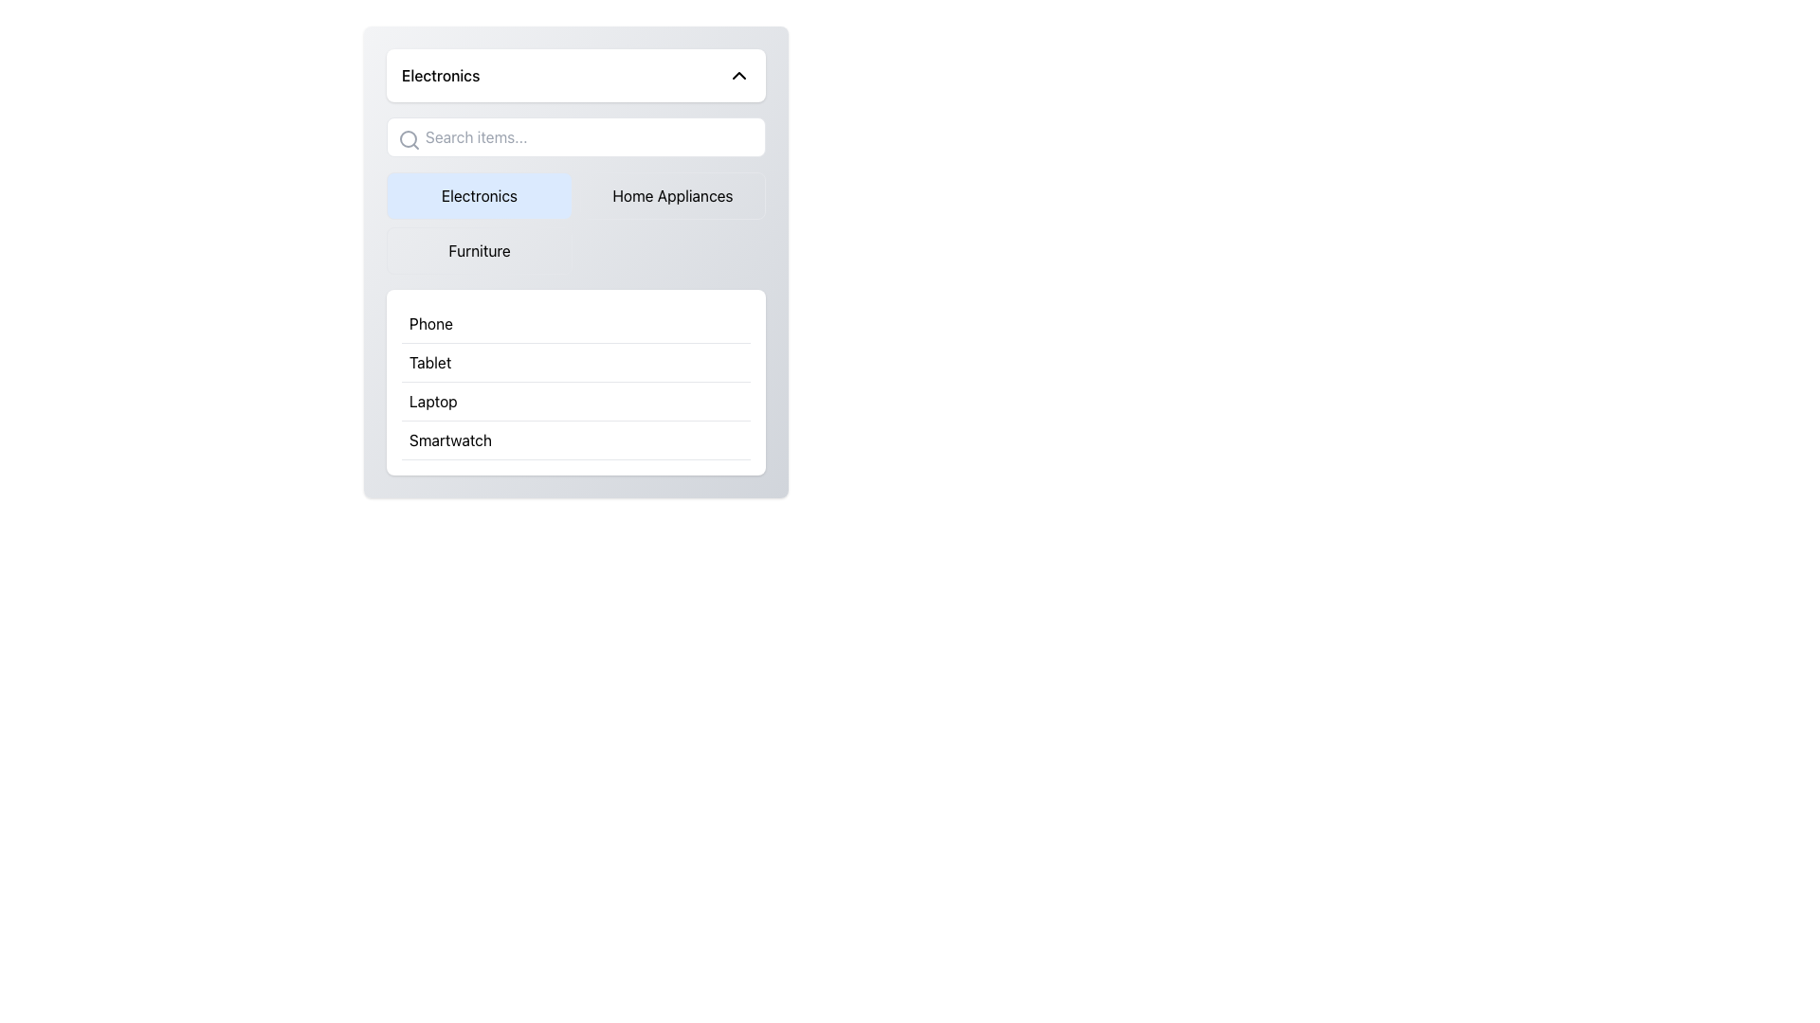  I want to click on the SVG Circle element that is part of the search icon located to the left of the text input box labeled 'Search items...', so click(408, 137).